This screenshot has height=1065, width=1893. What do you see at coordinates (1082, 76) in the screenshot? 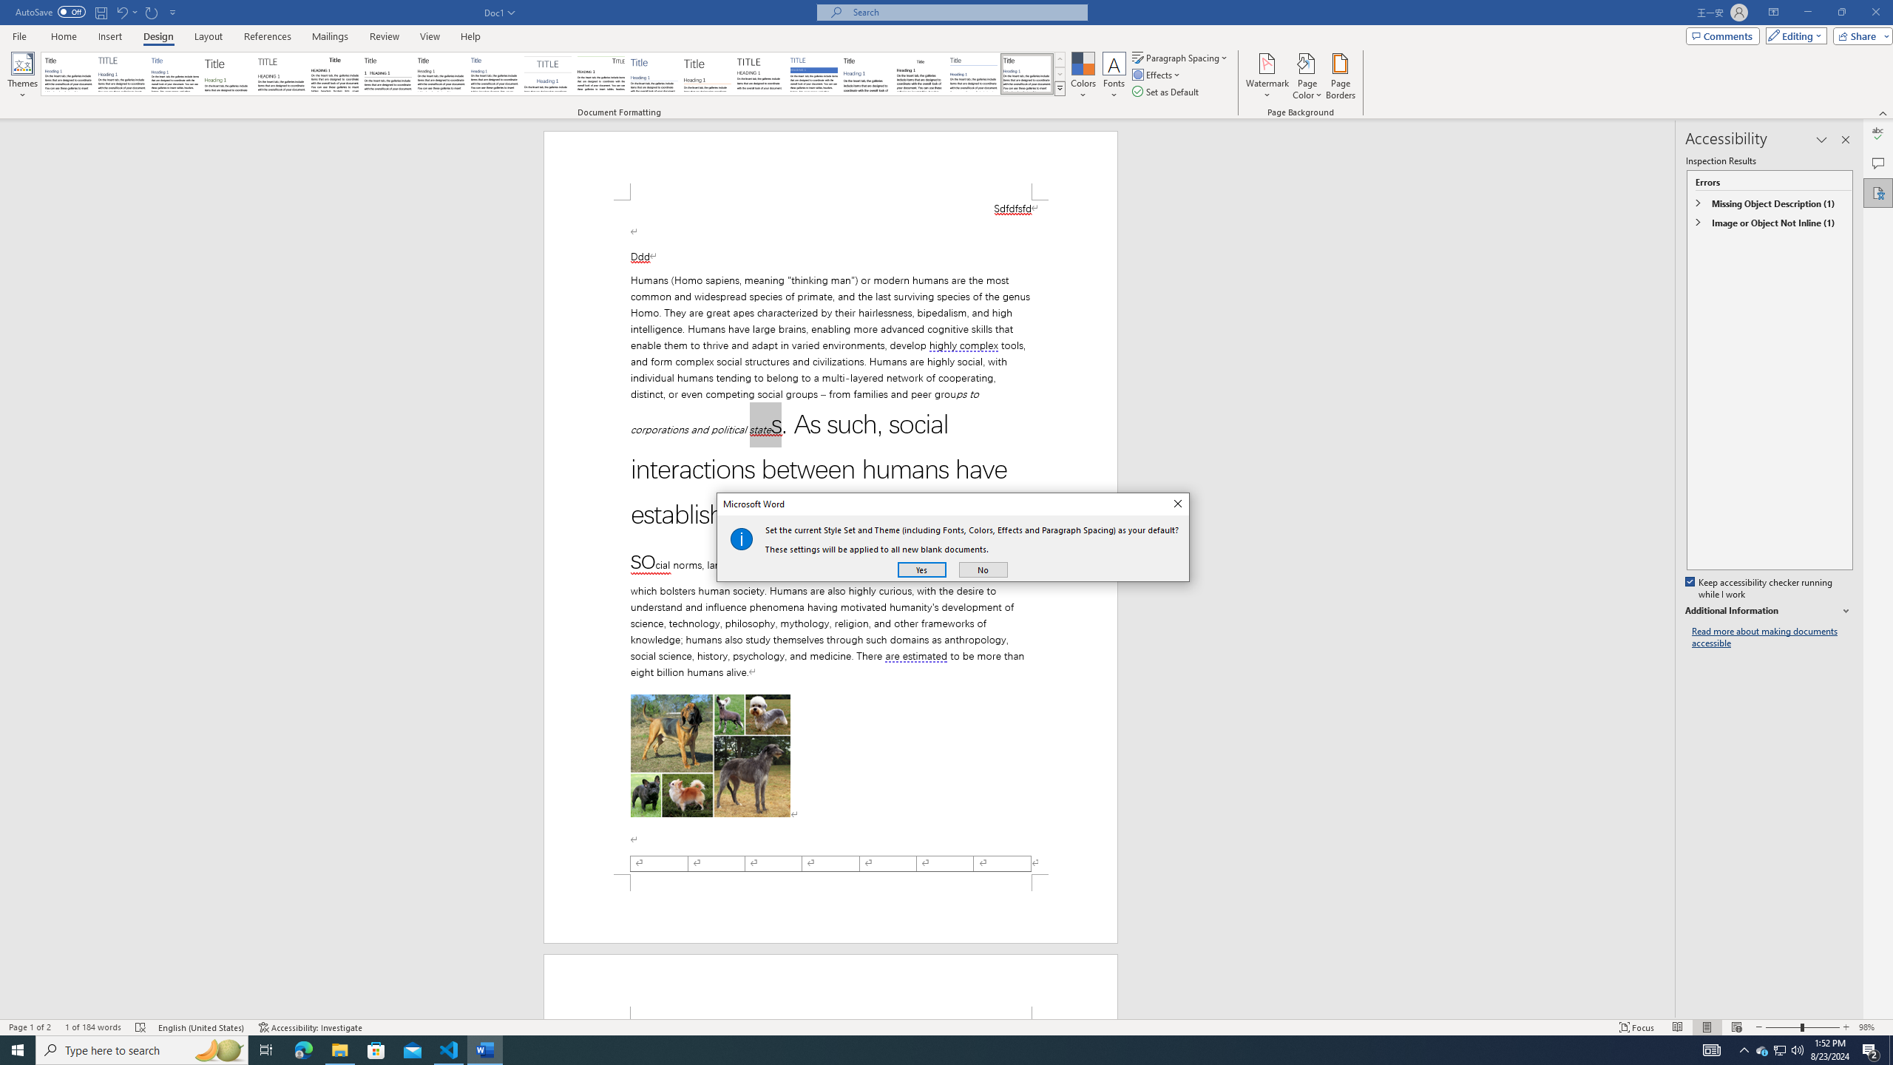
I see `'Colors'` at bounding box center [1082, 76].